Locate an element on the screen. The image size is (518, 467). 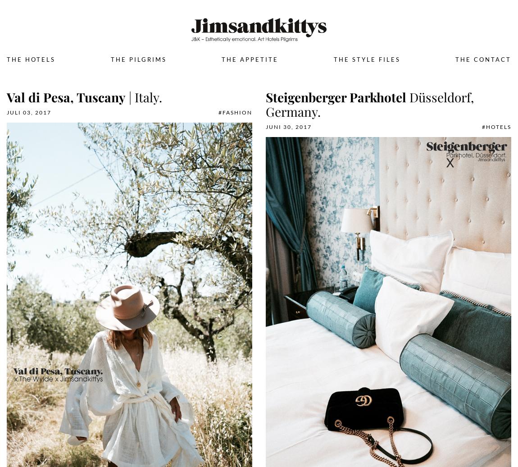
'Val di Pesa, Tuscany' is located at coordinates (65, 97).